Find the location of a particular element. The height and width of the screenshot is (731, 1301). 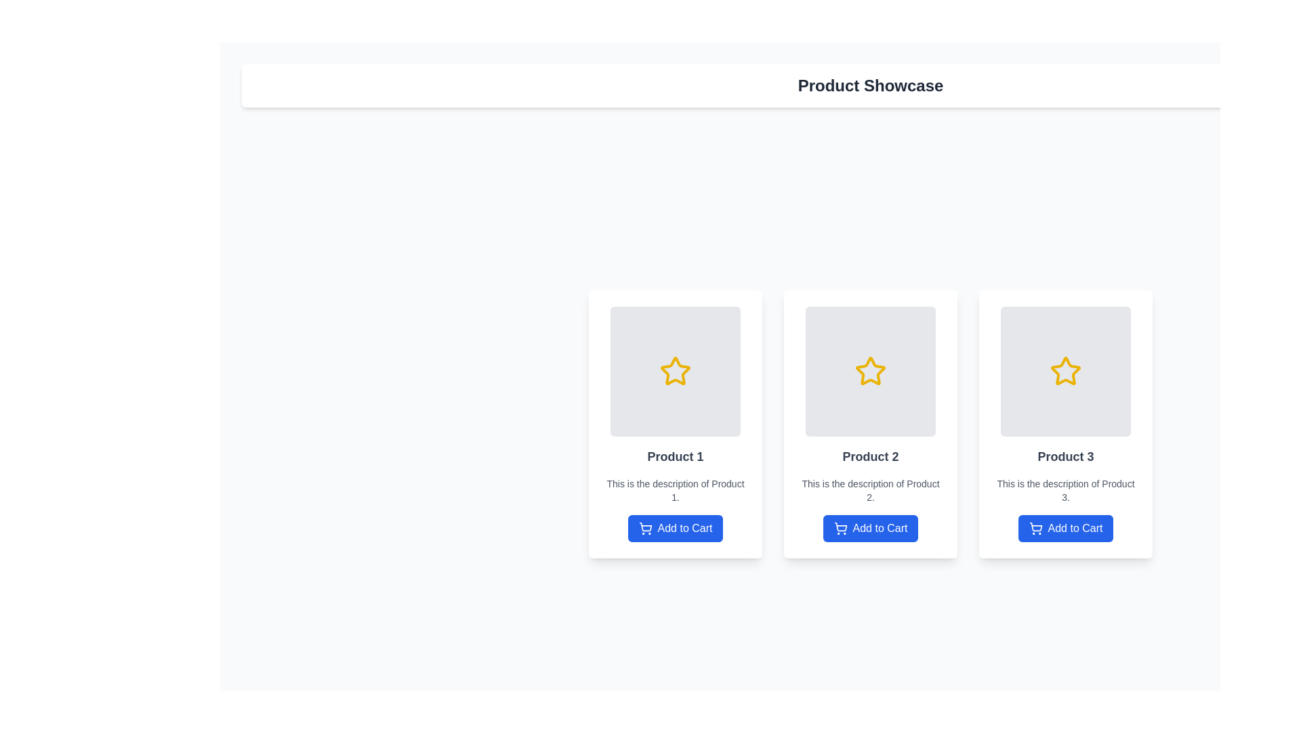

the star icon located in the third product card from the left, above the product title 'Product 3' is located at coordinates (1065, 371).